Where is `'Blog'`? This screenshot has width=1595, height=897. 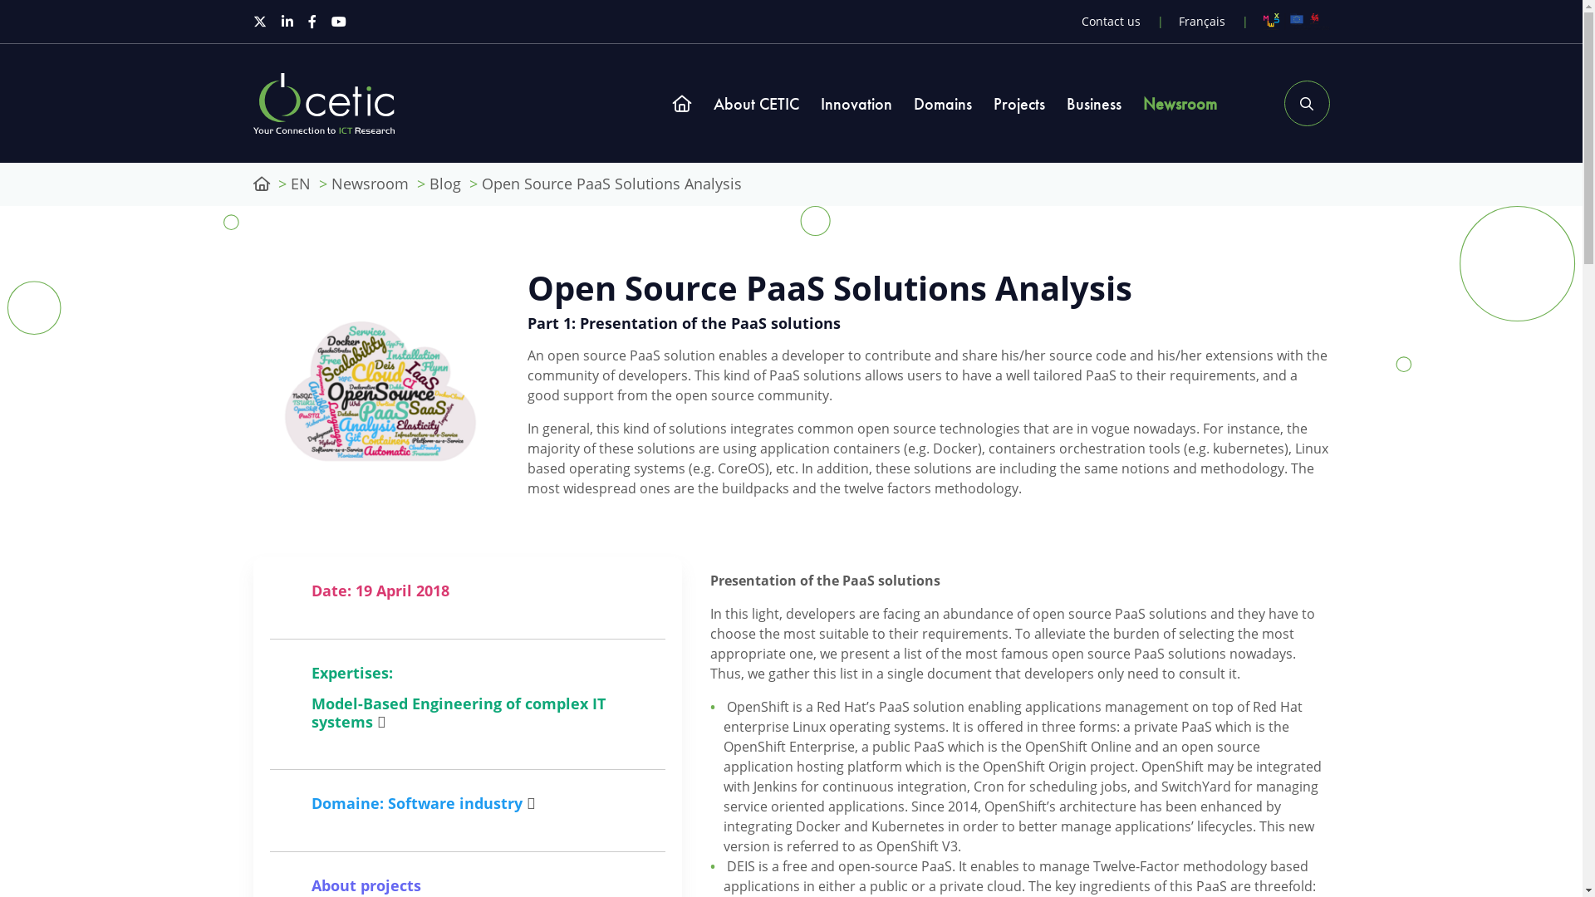
'Blog' is located at coordinates (444, 184).